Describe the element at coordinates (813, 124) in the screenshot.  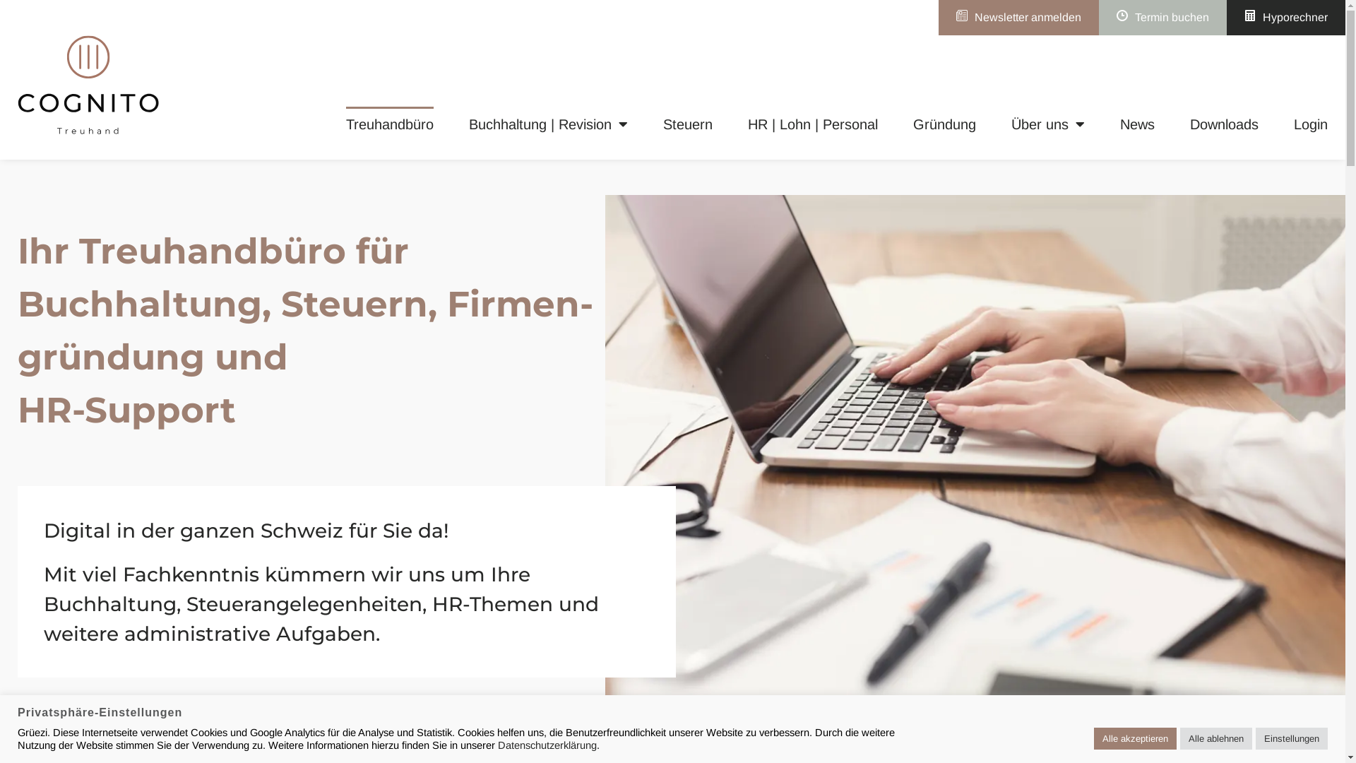
I see `'HR | Lohn | Personal'` at that location.